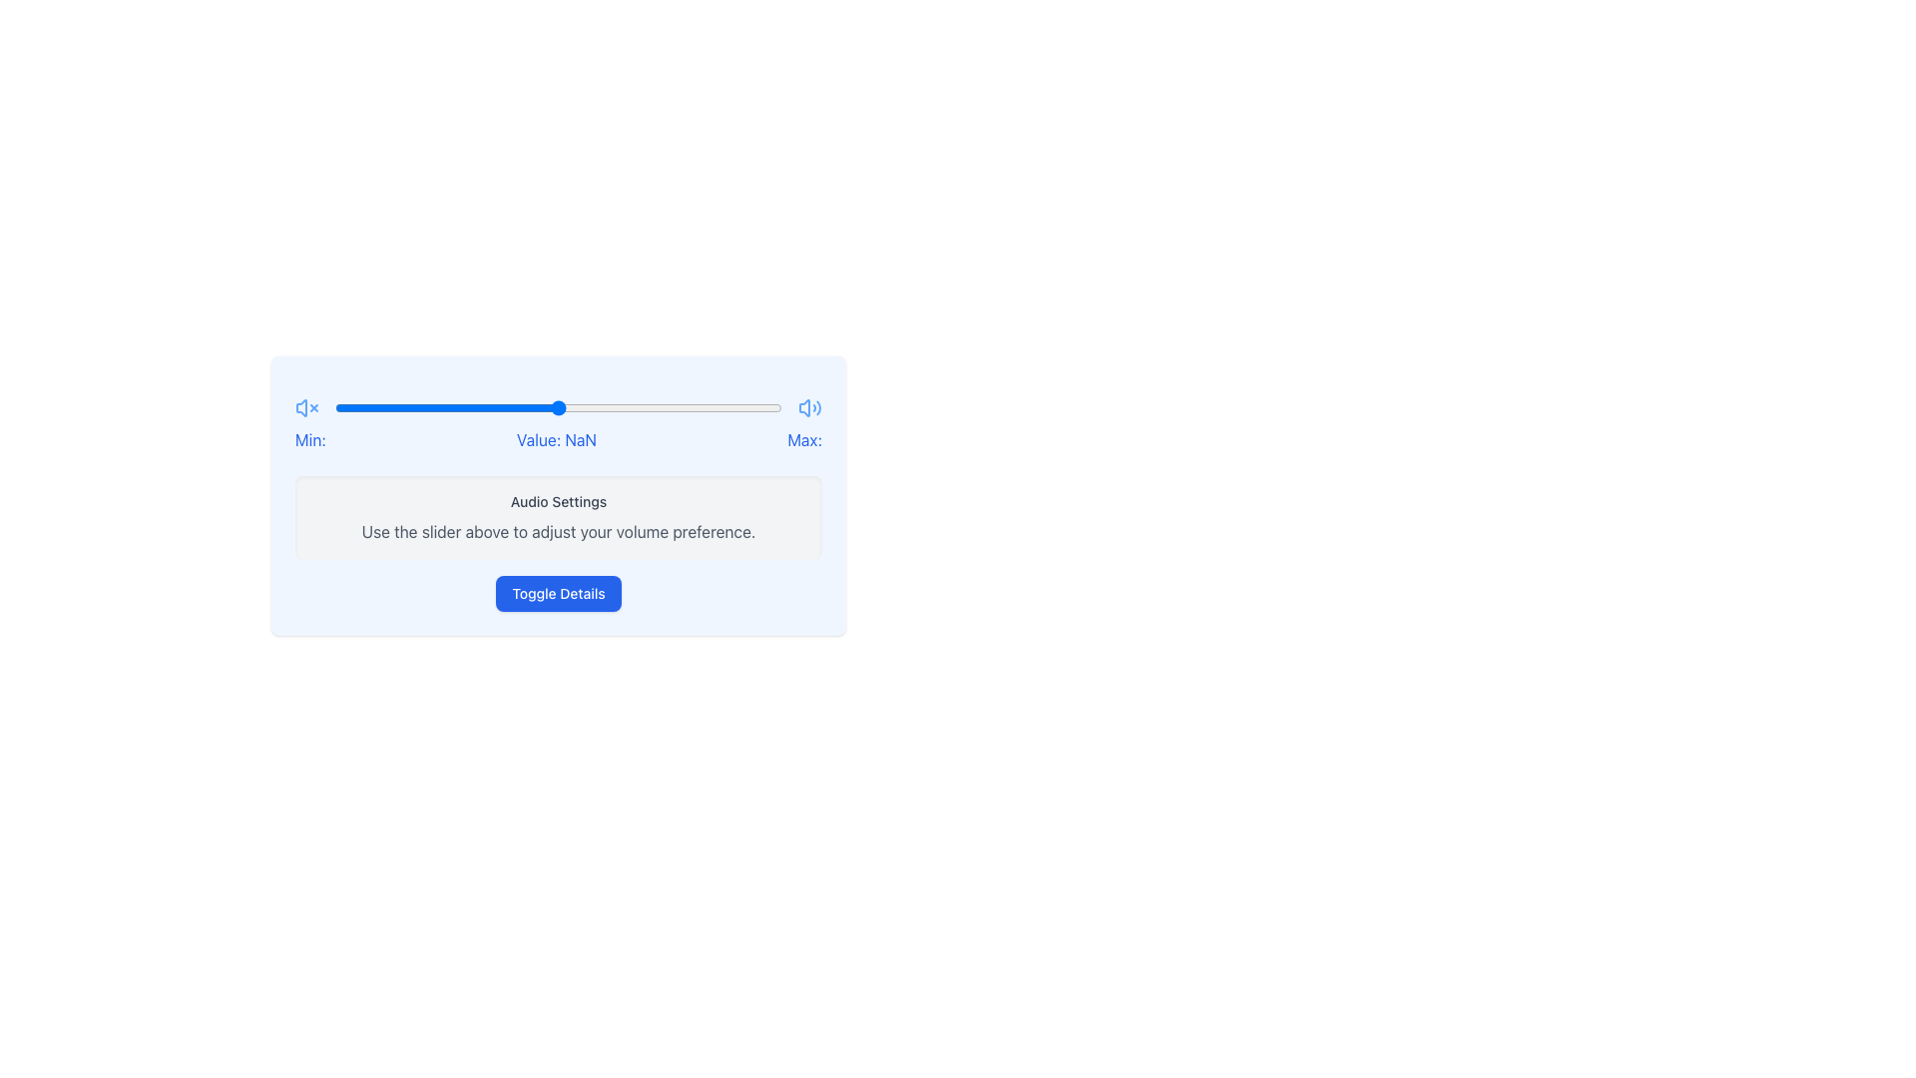 This screenshot has width=1916, height=1078. What do you see at coordinates (675, 406) in the screenshot?
I see `the slider` at bounding box center [675, 406].